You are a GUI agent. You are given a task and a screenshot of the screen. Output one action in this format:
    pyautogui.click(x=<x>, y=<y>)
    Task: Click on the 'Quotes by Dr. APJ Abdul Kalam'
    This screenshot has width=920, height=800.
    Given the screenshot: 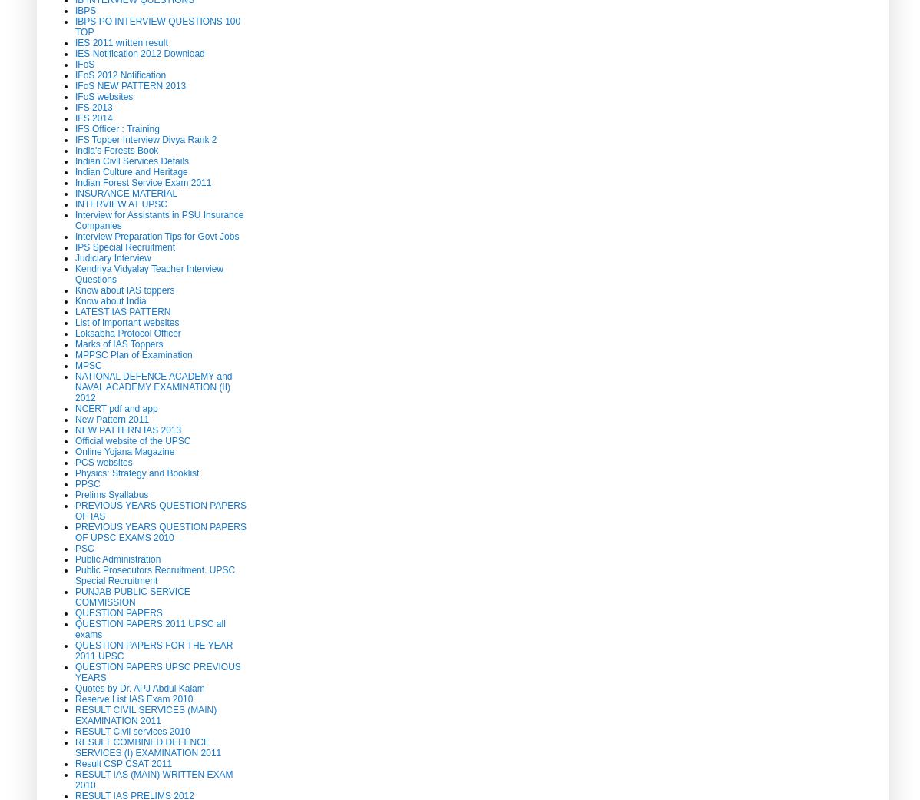 What is the action you would take?
    pyautogui.click(x=138, y=687)
    